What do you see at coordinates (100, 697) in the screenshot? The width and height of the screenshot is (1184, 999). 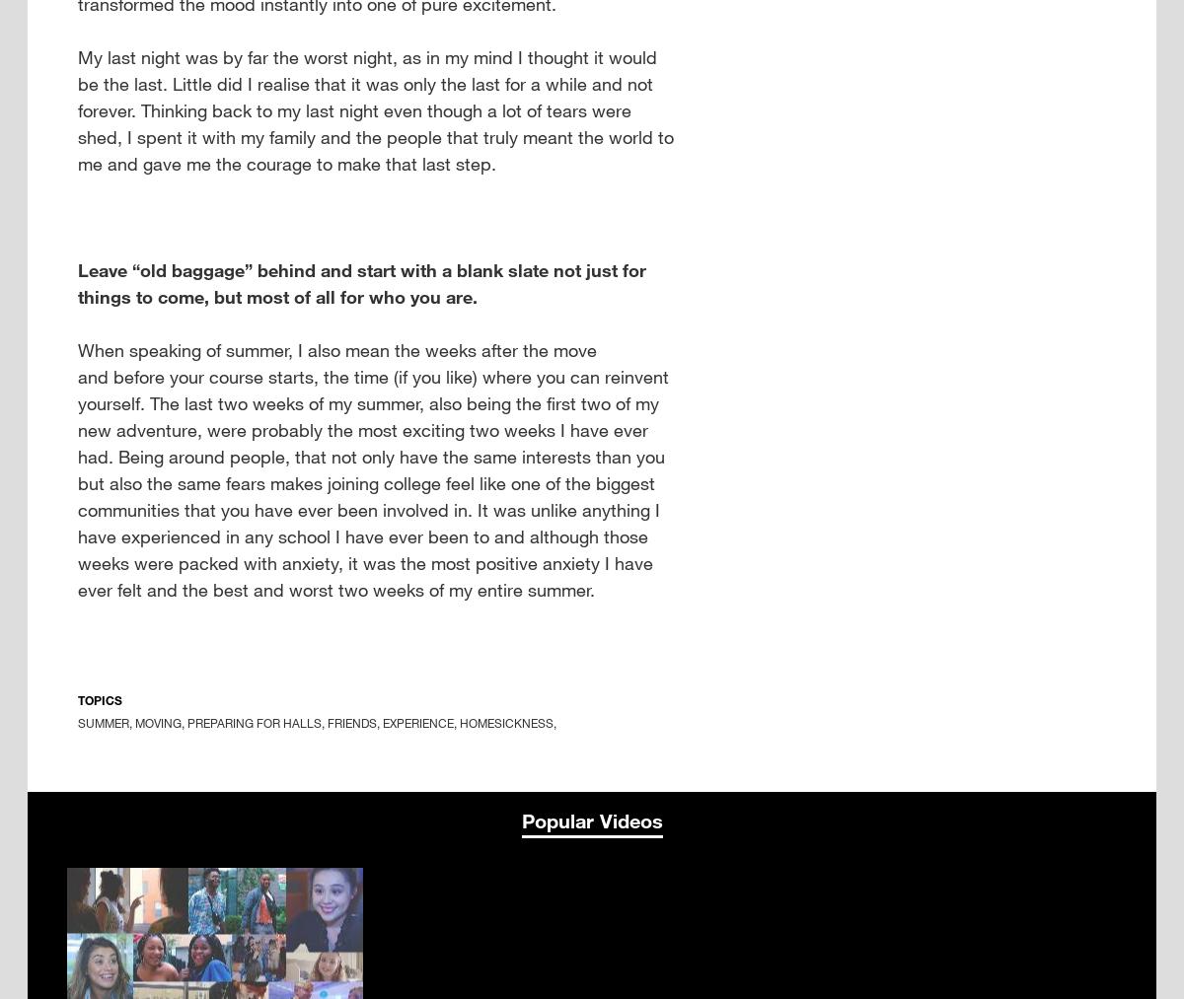 I see `'Topics'` at bounding box center [100, 697].